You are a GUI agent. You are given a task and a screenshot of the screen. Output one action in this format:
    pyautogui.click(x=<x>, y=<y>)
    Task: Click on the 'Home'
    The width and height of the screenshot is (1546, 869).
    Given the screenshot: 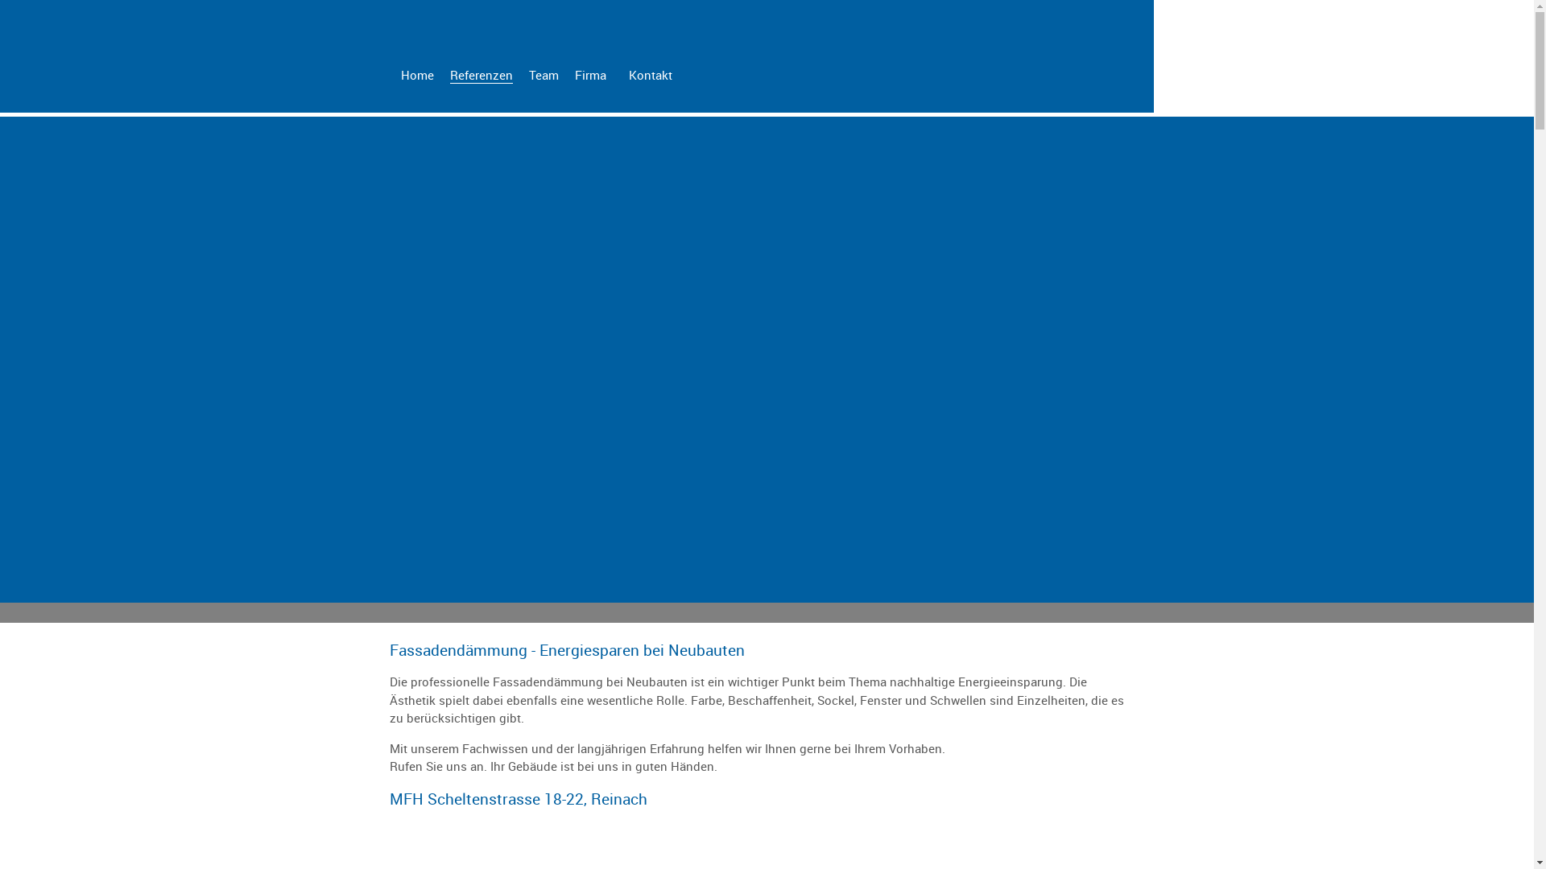 What is the action you would take?
    pyautogui.click(x=417, y=74)
    